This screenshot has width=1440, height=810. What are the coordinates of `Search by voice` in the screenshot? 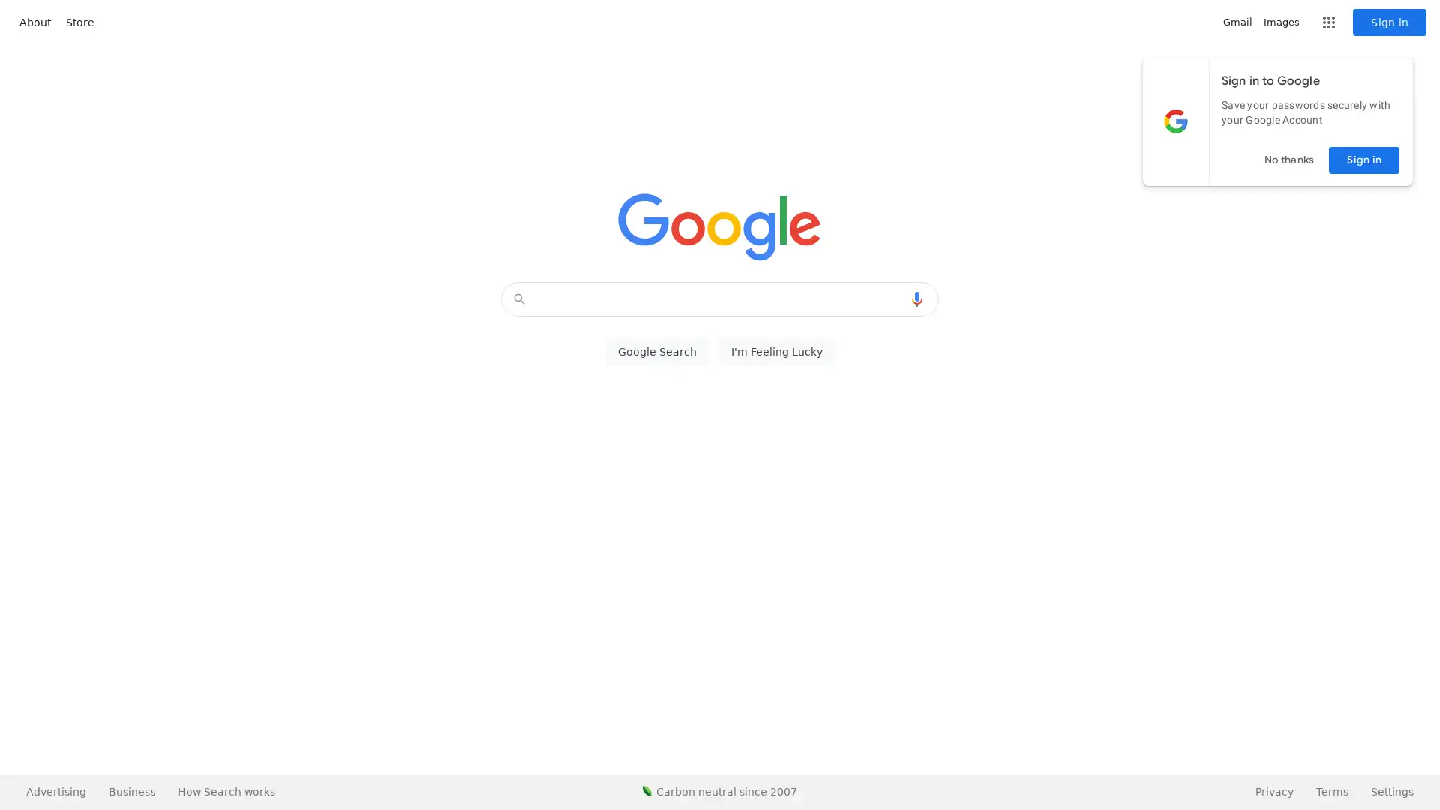 It's located at (916, 298).